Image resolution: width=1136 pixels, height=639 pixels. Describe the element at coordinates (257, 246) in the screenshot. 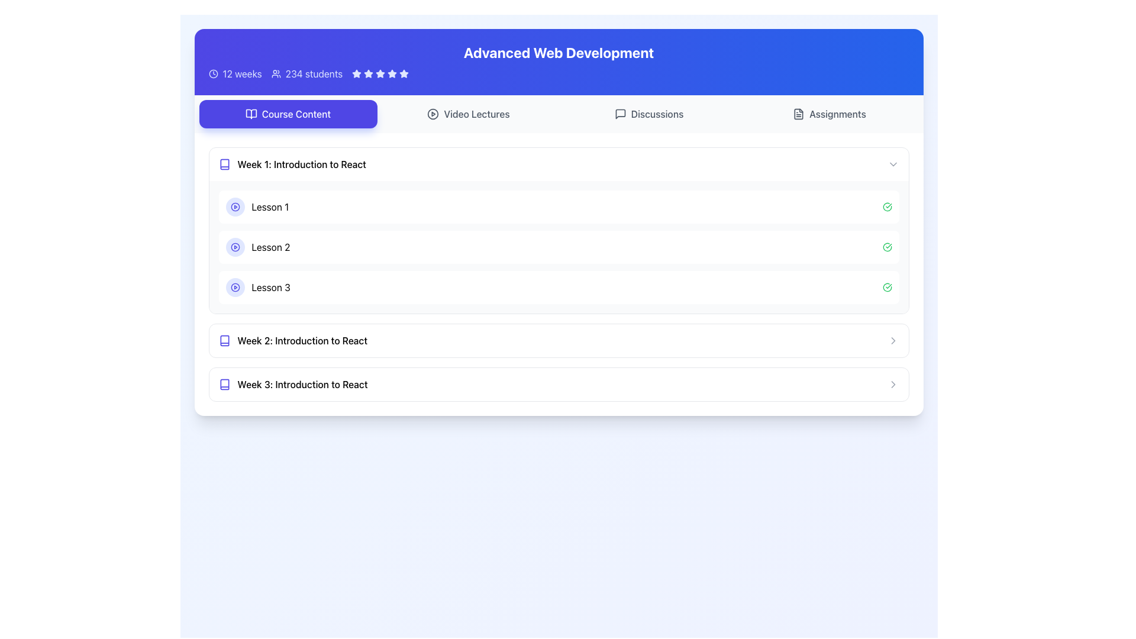

I see `the lesson title label located between 'Lesson 1' and 'Lesson 3' under 'Week 1: Introduction to React'` at that location.